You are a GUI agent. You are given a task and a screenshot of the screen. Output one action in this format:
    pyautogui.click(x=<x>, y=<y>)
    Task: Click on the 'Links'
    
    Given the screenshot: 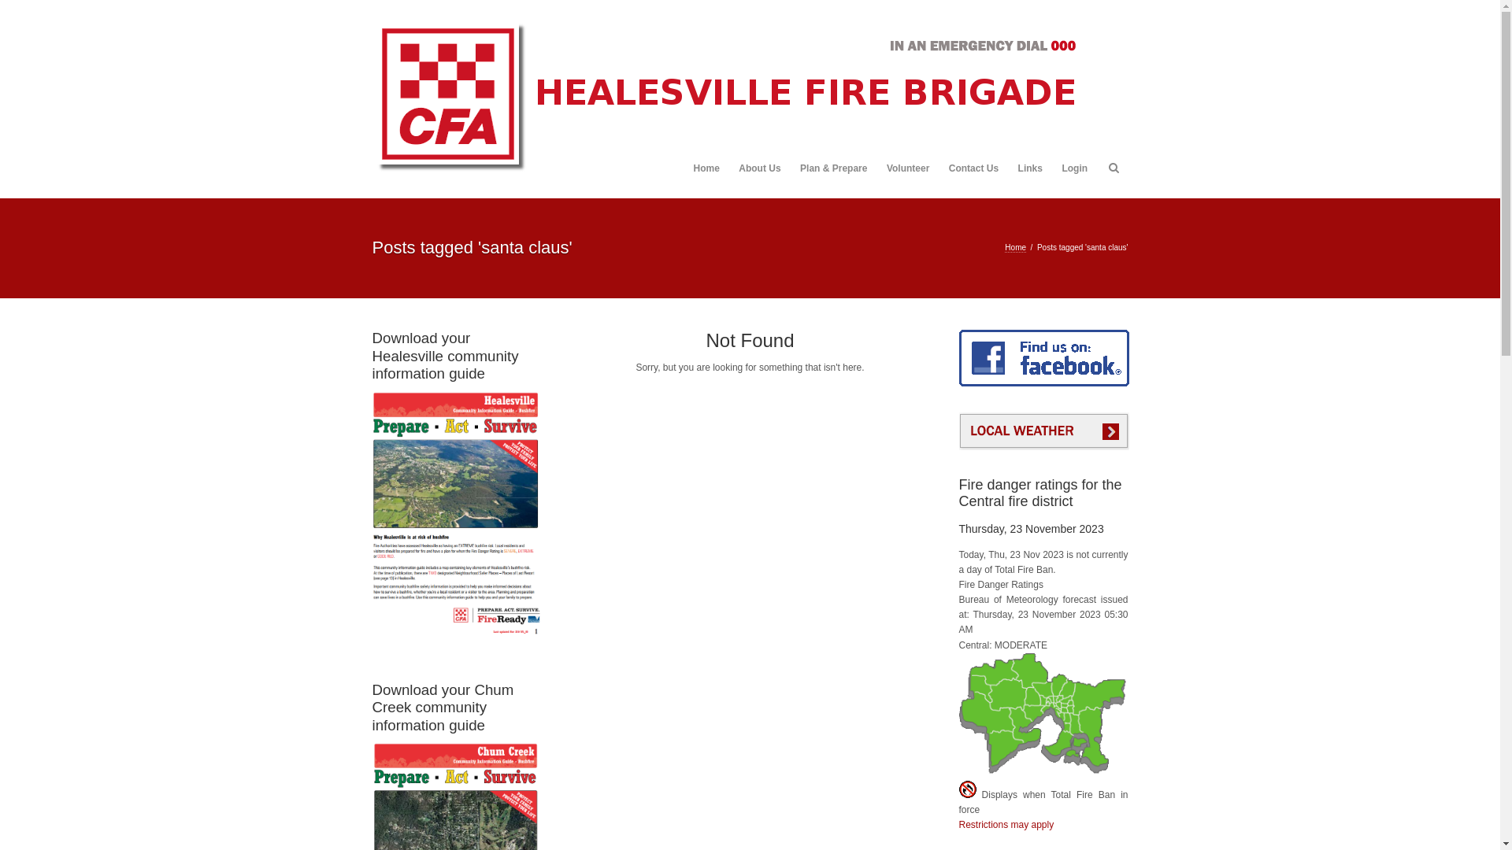 What is the action you would take?
    pyautogui.click(x=1030, y=168)
    